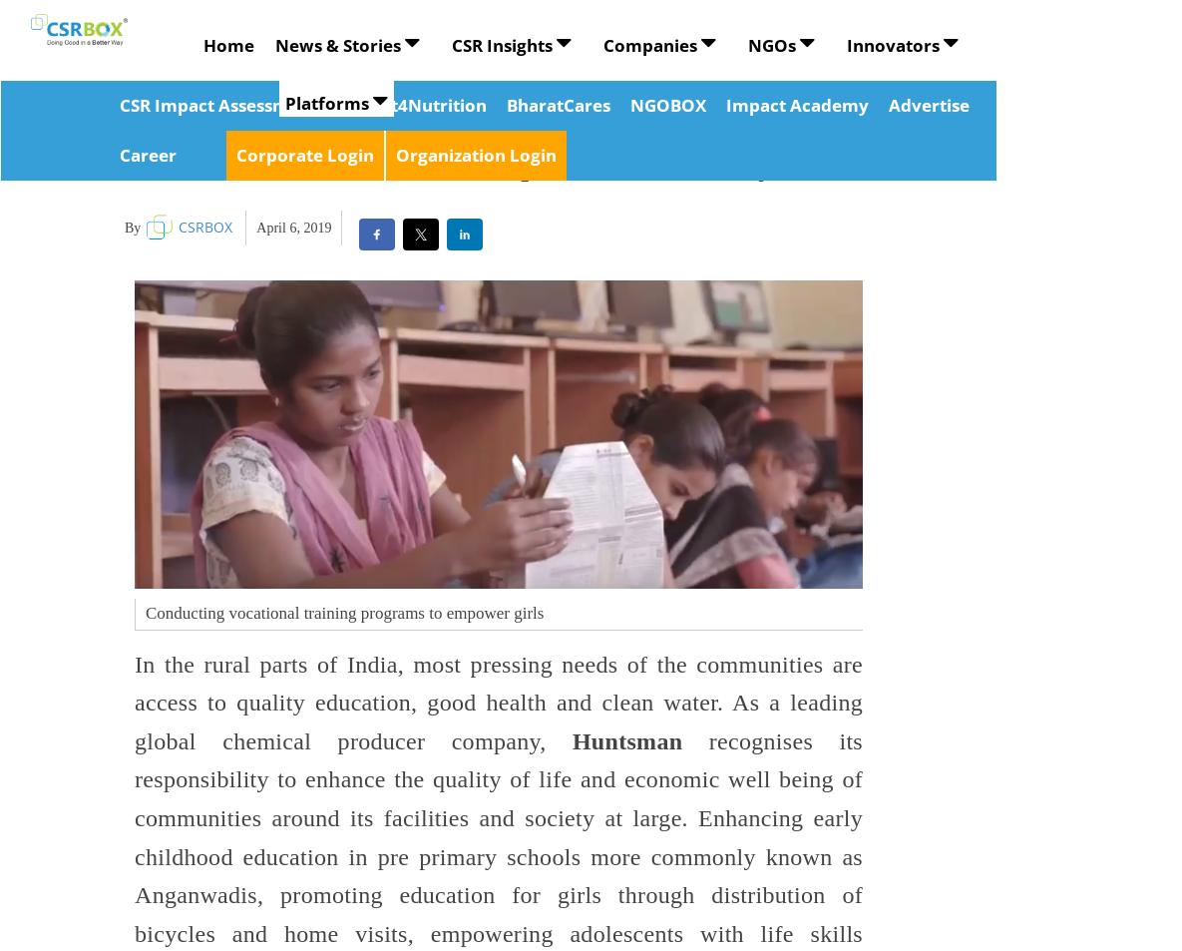  I want to click on 'NGOs', so click(747, 44).